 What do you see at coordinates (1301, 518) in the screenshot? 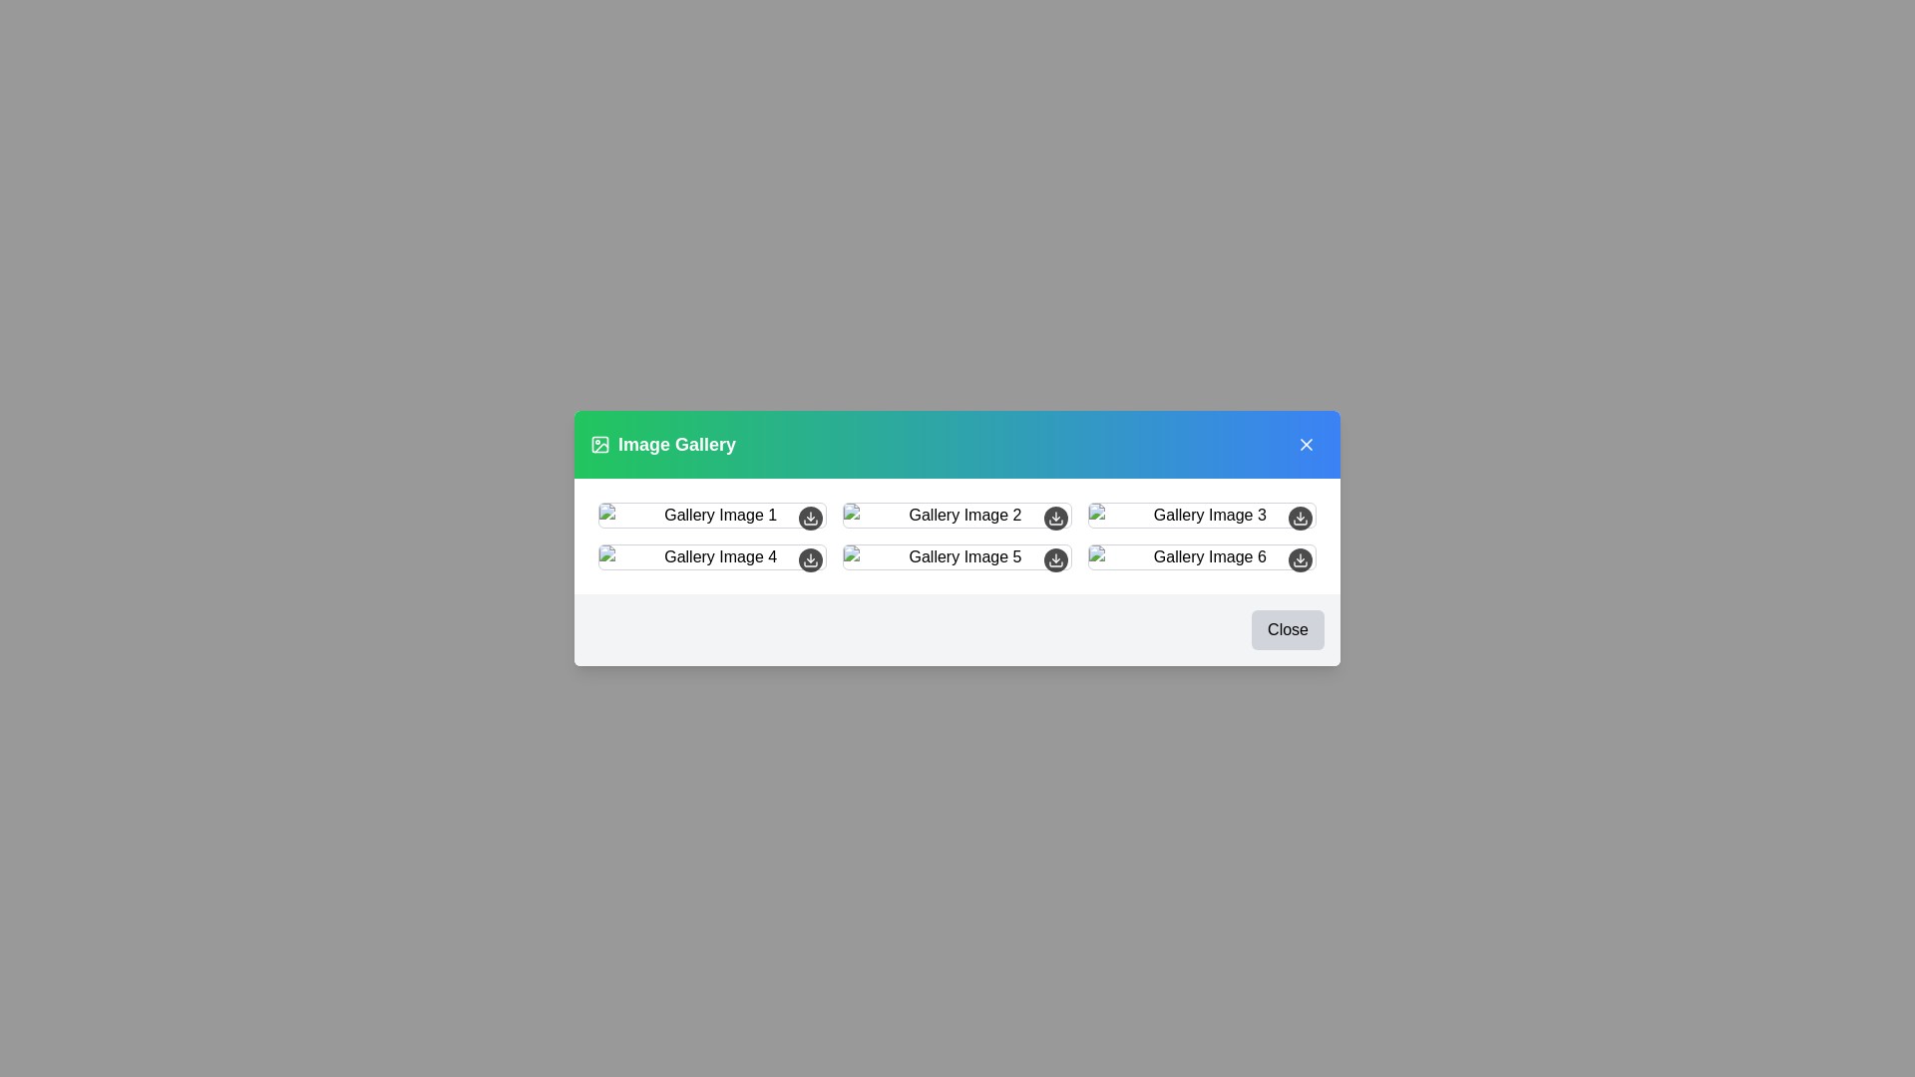
I see `the download button for image 3` at bounding box center [1301, 518].